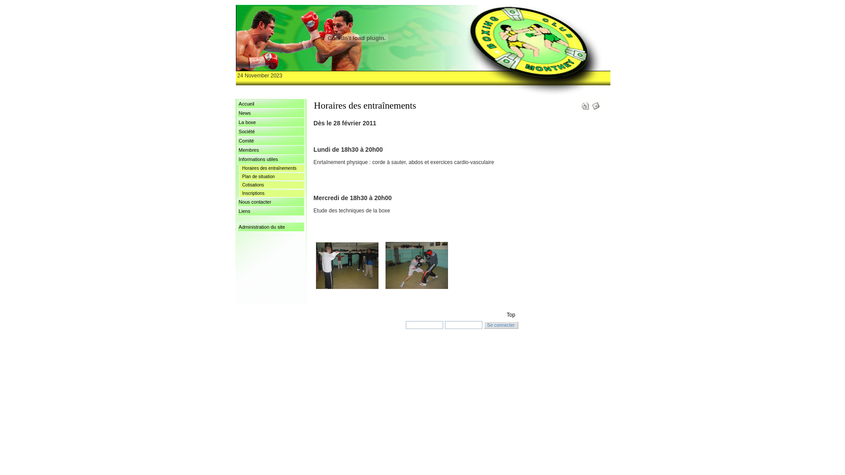 Image resolution: width=845 pixels, height=475 pixels. What do you see at coordinates (270, 211) in the screenshot?
I see `'Liens'` at bounding box center [270, 211].